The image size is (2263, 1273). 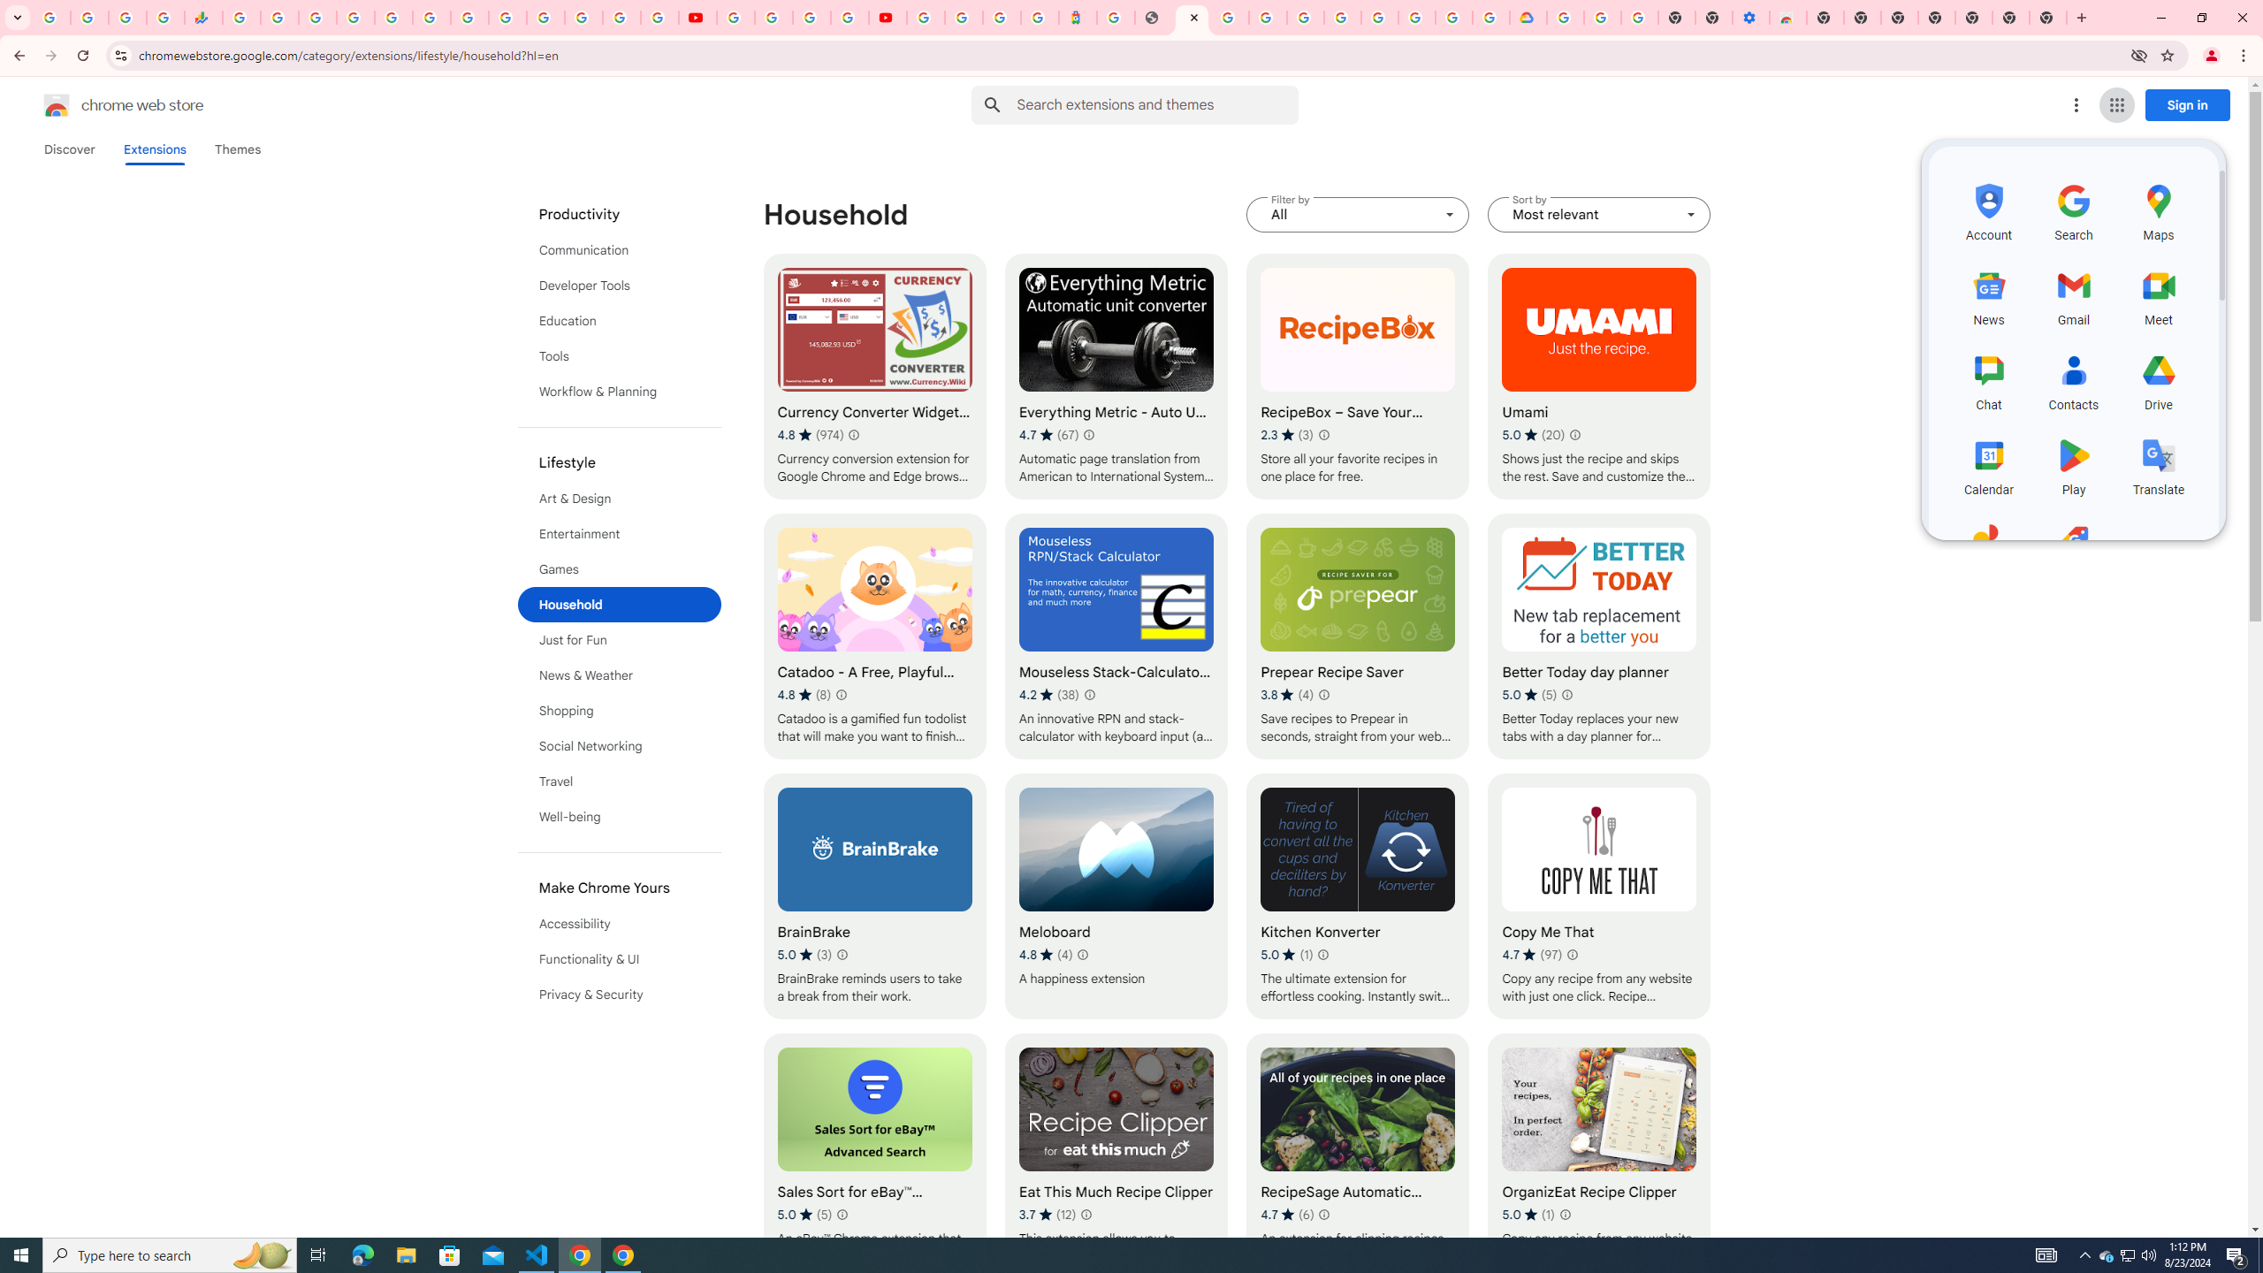 I want to click on 'Google Account Help', so click(x=1601, y=17).